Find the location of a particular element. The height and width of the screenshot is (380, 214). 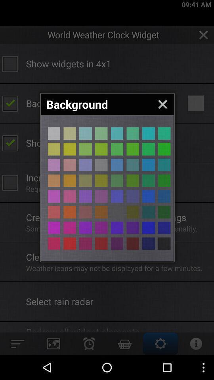

color is located at coordinates (164, 243).